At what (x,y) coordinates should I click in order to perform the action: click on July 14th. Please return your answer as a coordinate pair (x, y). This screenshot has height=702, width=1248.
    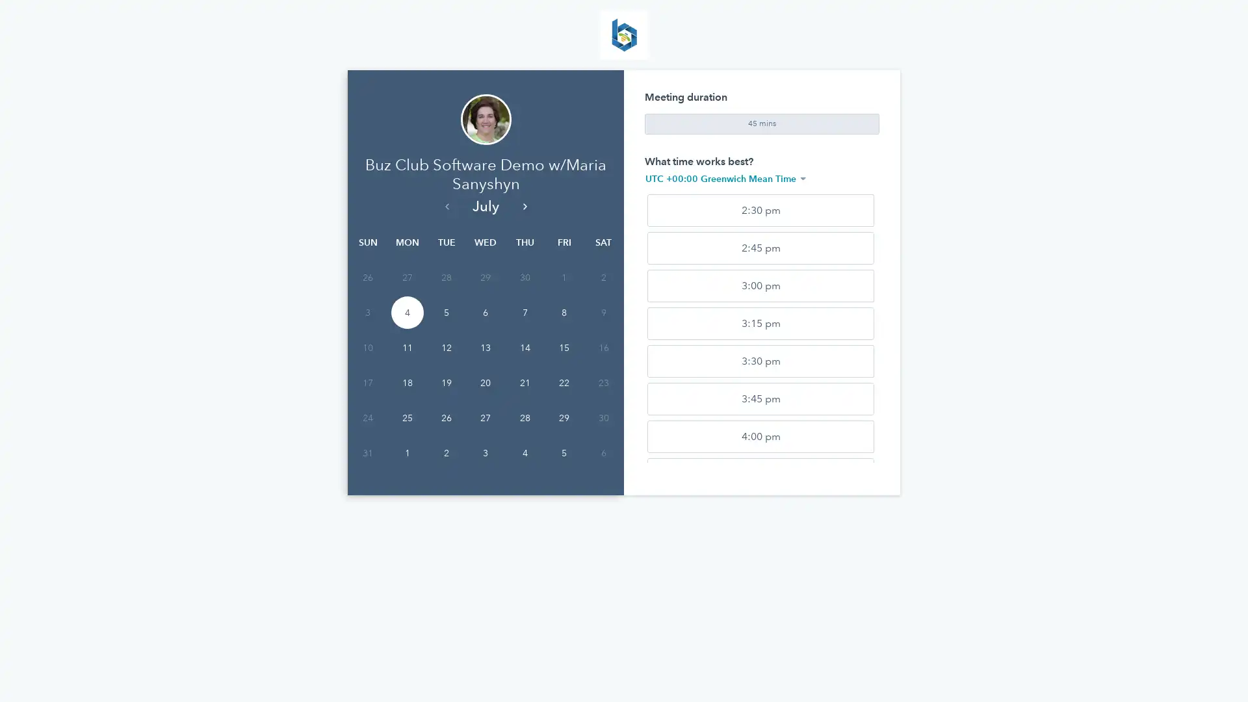
    Looking at the image, I should click on (524, 347).